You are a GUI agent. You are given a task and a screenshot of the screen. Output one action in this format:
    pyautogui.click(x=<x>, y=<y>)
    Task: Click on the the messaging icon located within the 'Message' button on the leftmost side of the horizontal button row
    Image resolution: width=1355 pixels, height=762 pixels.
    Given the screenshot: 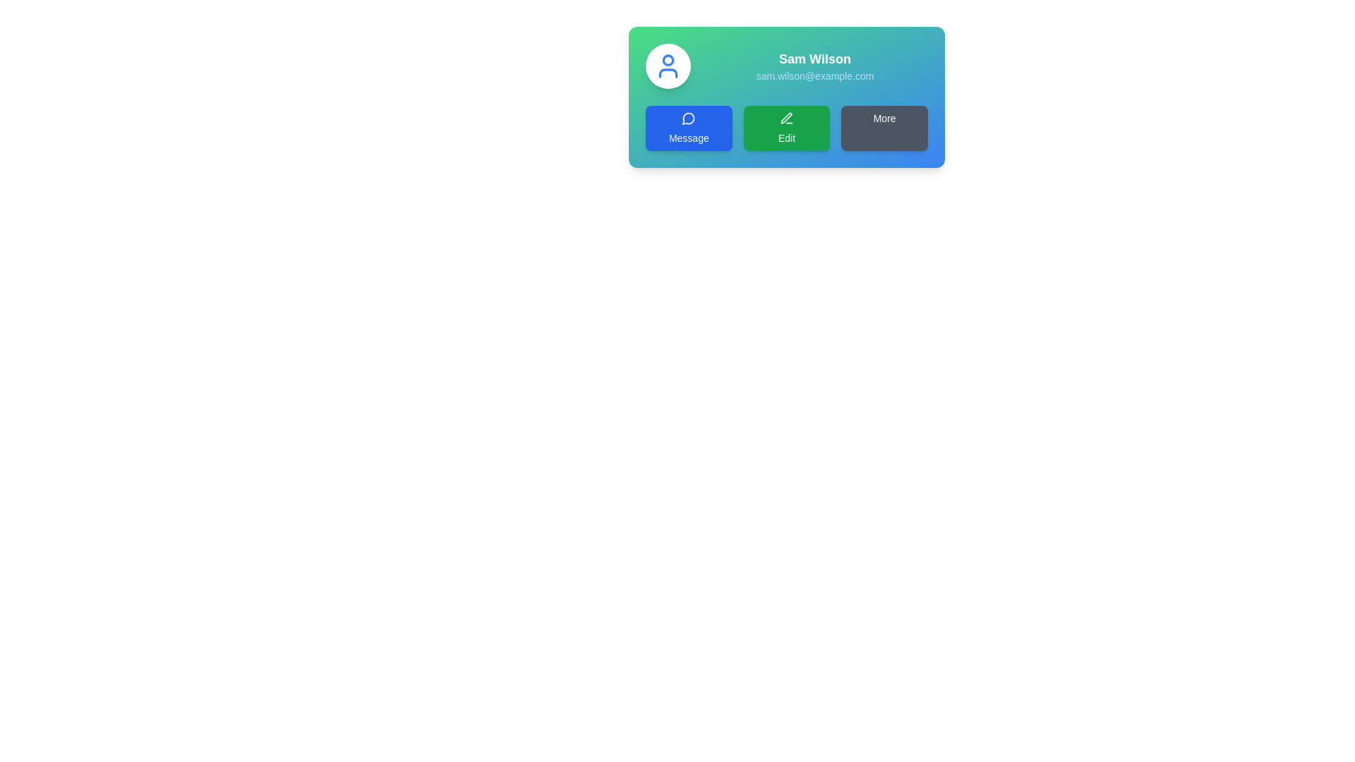 What is the action you would take?
    pyautogui.click(x=689, y=118)
    